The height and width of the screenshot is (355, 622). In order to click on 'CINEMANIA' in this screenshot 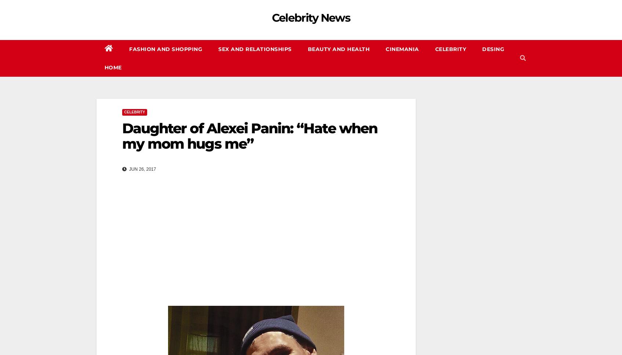, I will do `click(402, 49)`.